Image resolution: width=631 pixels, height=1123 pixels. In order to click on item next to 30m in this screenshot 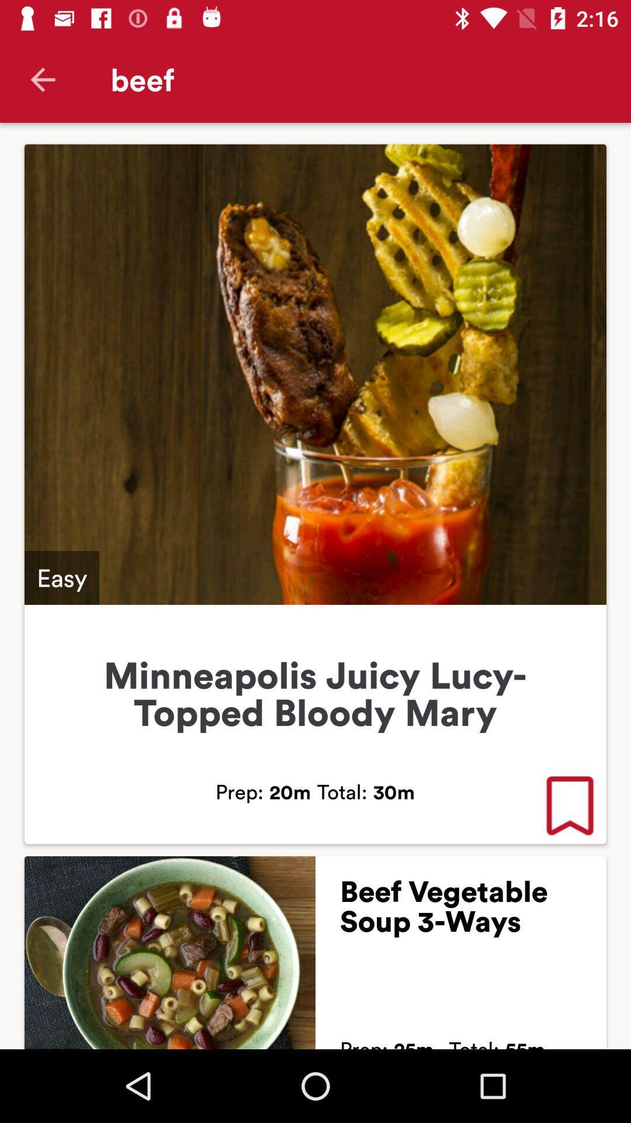, I will do `click(569, 807)`.